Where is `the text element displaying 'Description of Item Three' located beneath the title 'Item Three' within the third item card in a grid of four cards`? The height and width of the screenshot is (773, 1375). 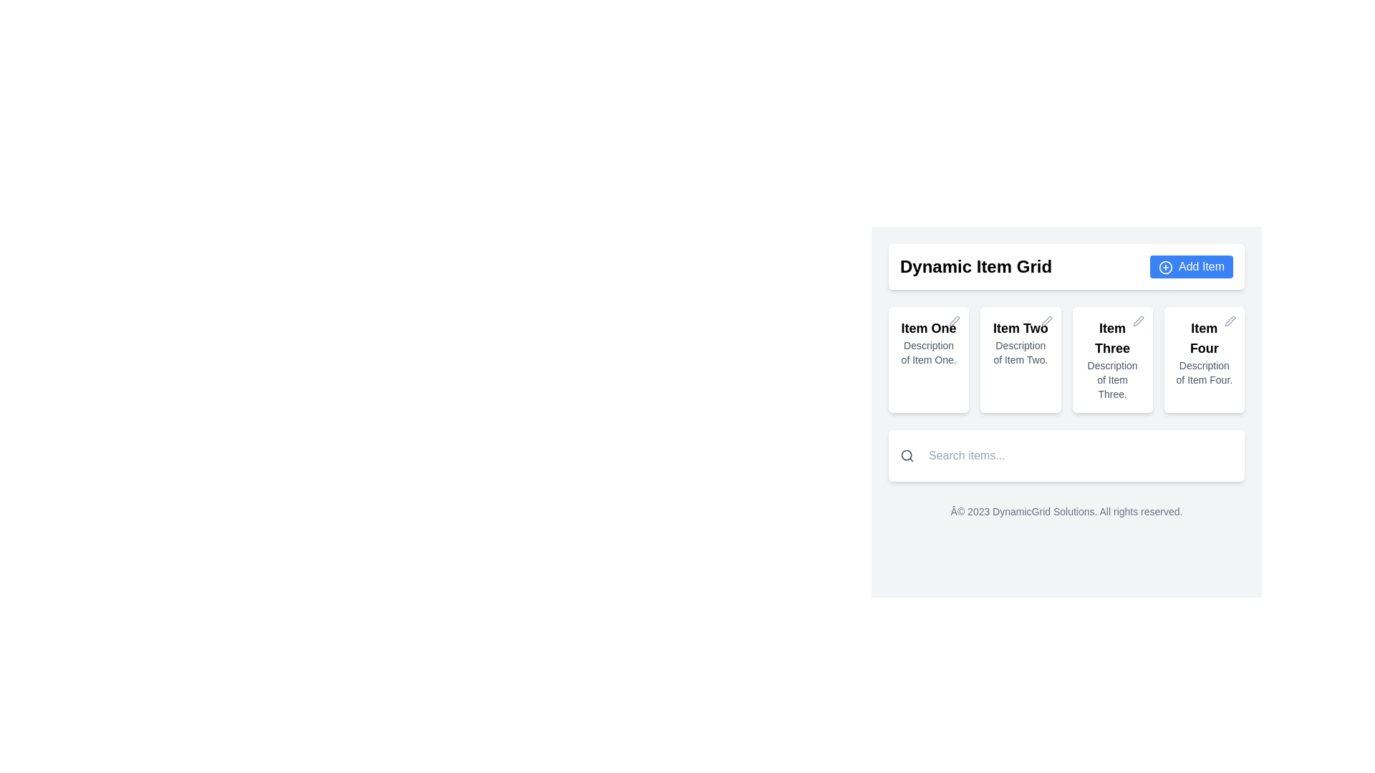
the text element displaying 'Description of Item Three' located beneath the title 'Item Three' within the third item card in a grid of four cards is located at coordinates (1111, 379).